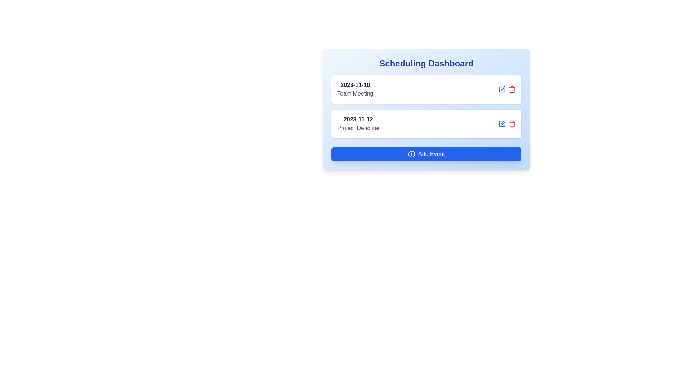 This screenshot has height=388, width=691. What do you see at coordinates (426, 63) in the screenshot?
I see `the Label element that serves as the heading or title for the content below, located at the top-center position above other components` at bounding box center [426, 63].